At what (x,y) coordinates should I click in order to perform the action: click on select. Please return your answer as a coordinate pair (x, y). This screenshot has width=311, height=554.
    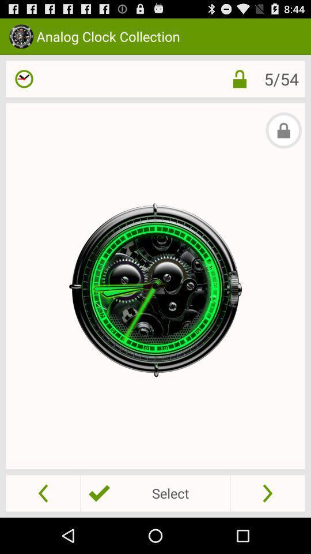
    Looking at the image, I should click on (155, 492).